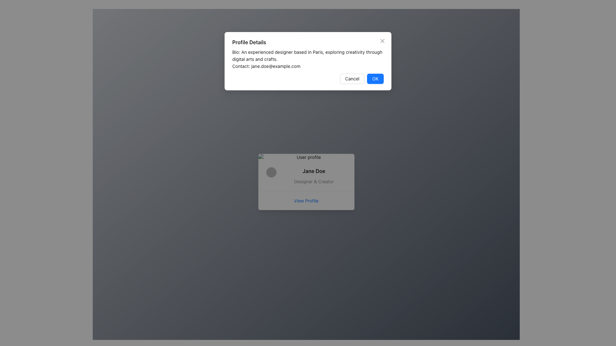 The width and height of the screenshot is (616, 346). Describe the element at coordinates (314, 181) in the screenshot. I see `the text label displaying 'Designer & Creator' located below 'Jane Doe' in the 'User profile' dialog box` at that location.